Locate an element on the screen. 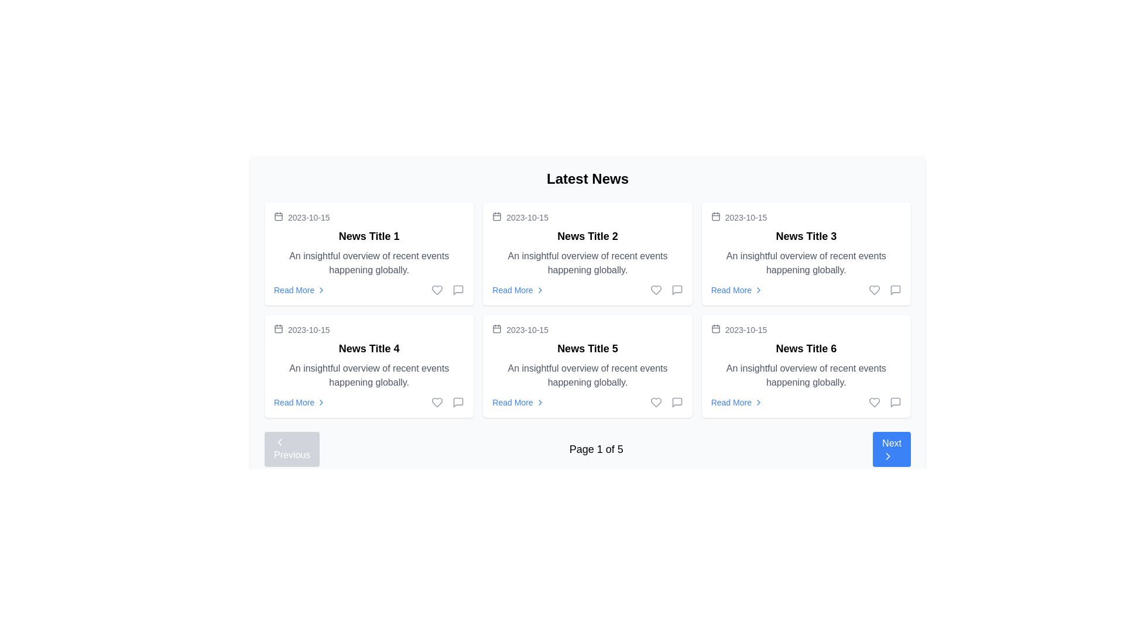  the heart-shaped icon in the 'Latest News' section is located at coordinates (437, 290).